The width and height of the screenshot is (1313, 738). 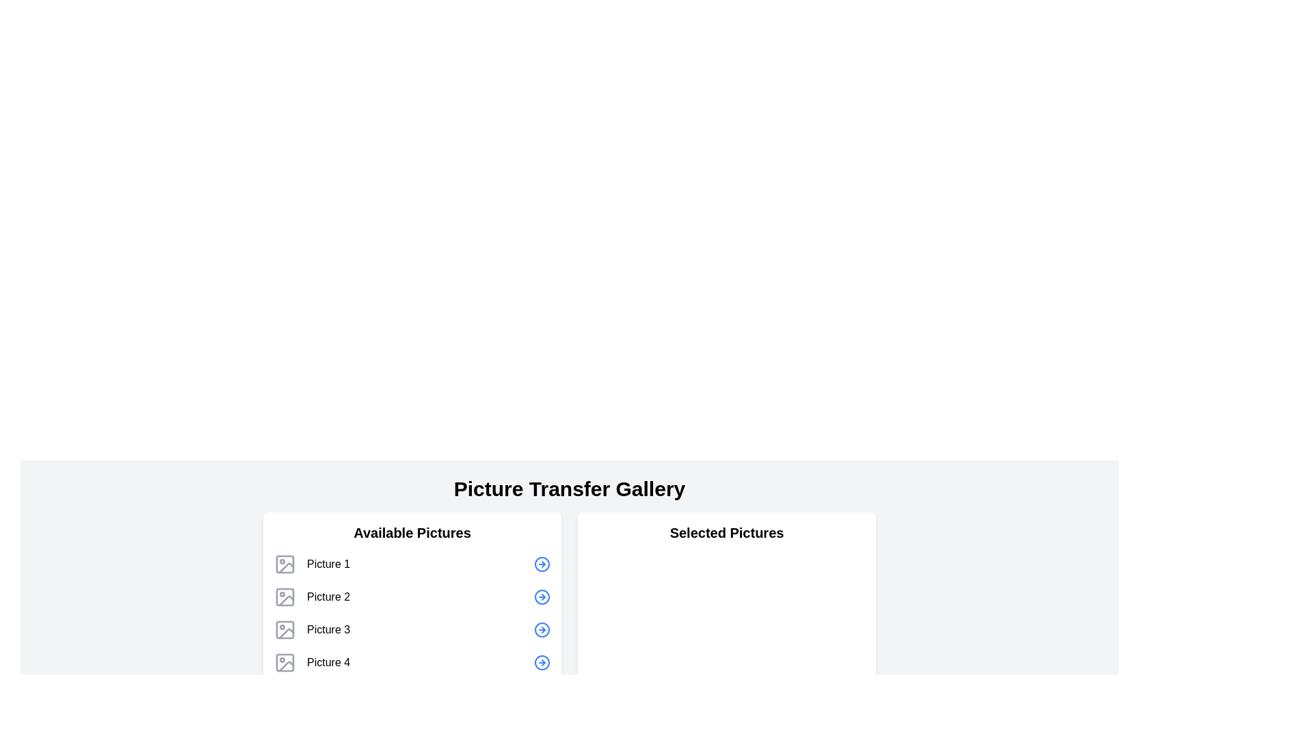 I want to click on the circular button with a blue outline and a rightward-pointing arrow in its center, located to the far right of the first row in the 'Available Pictures' section, to initiate the transfer of the associated picture, so click(x=541, y=564).